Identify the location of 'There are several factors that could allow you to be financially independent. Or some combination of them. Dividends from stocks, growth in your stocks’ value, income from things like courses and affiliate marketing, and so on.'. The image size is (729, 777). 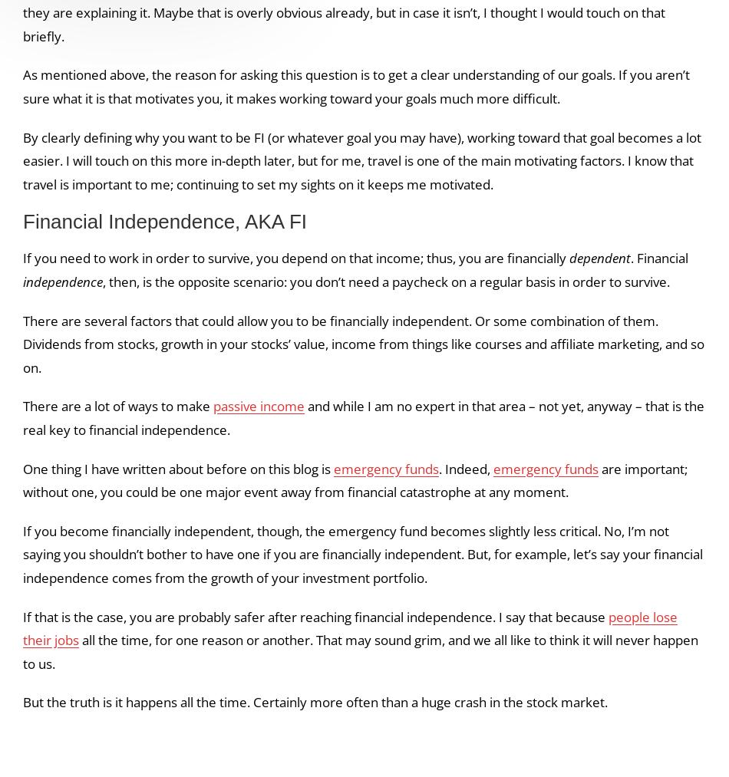
(23, 343).